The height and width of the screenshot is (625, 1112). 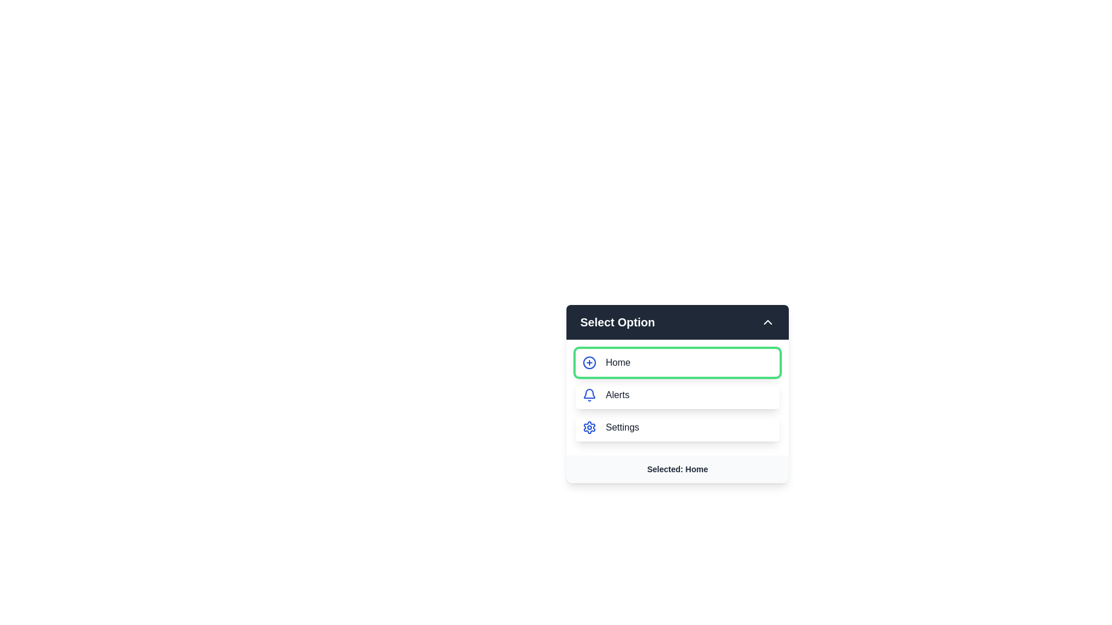 What do you see at coordinates (589, 362) in the screenshot?
I see `the 'Home' icon, which visually represents the 'Home' menu item and is positioned to the left of the text 'Home'` at bounding box center [589, 362].